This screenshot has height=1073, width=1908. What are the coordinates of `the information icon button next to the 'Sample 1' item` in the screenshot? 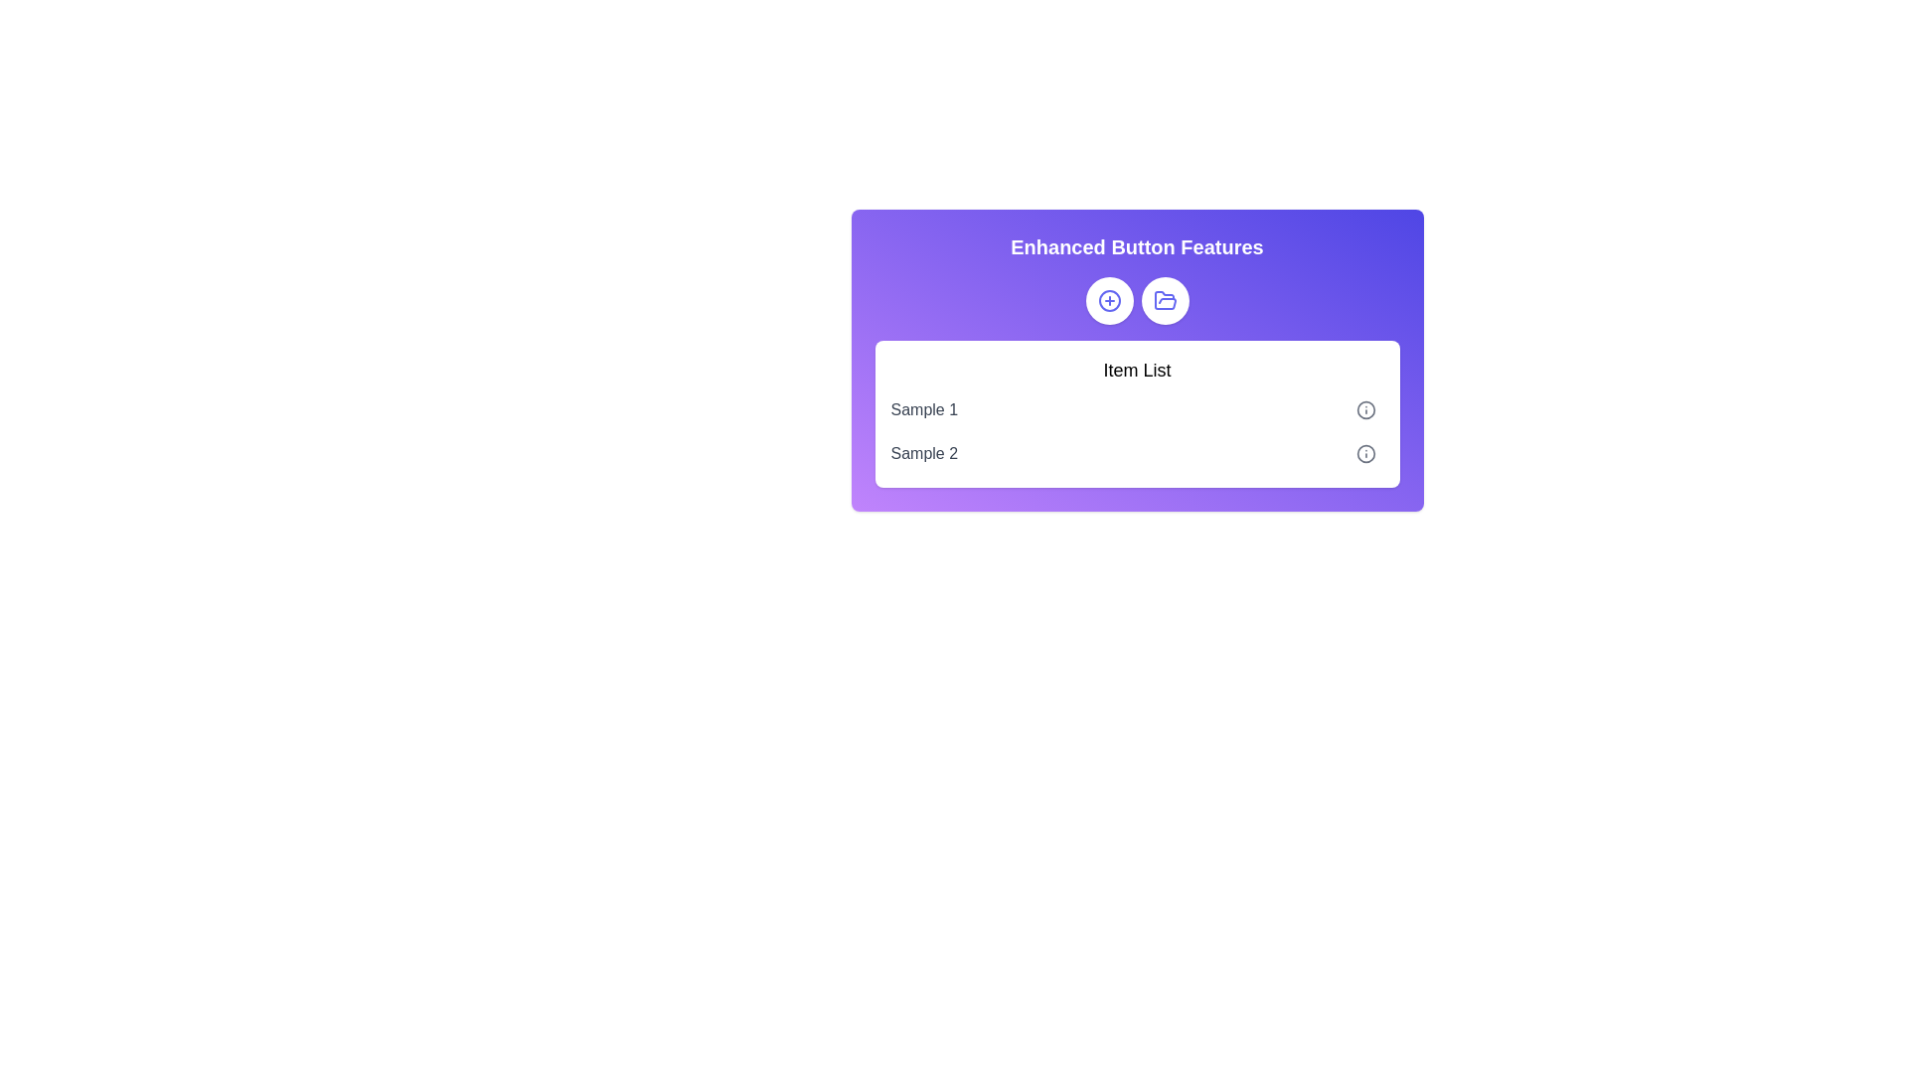 It's located at (1364, 408).